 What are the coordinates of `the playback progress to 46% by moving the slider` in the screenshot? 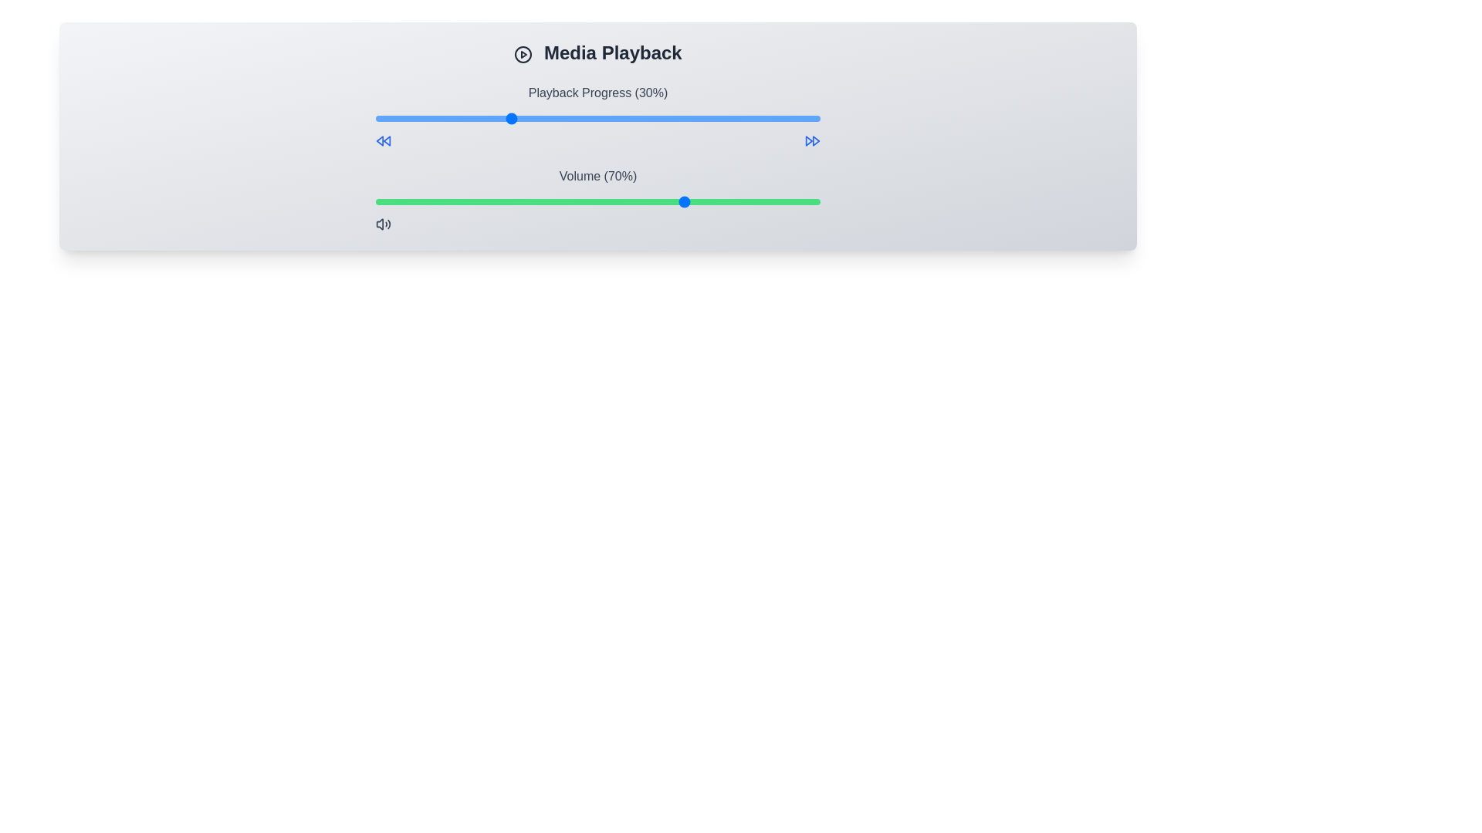 It's located at (579, 118).